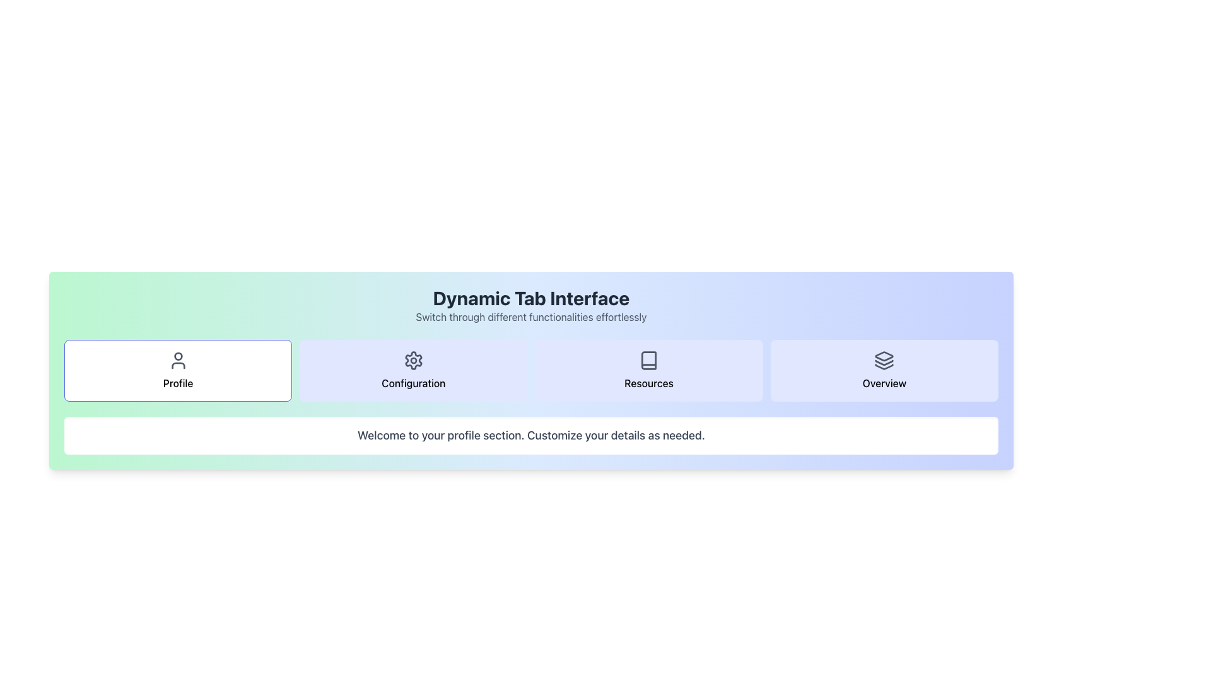  I want to click on the 'Resources' button, which is a rectangular button with rounded corners, light indigo background, featuring a book icon above the text, so click(649, 370).